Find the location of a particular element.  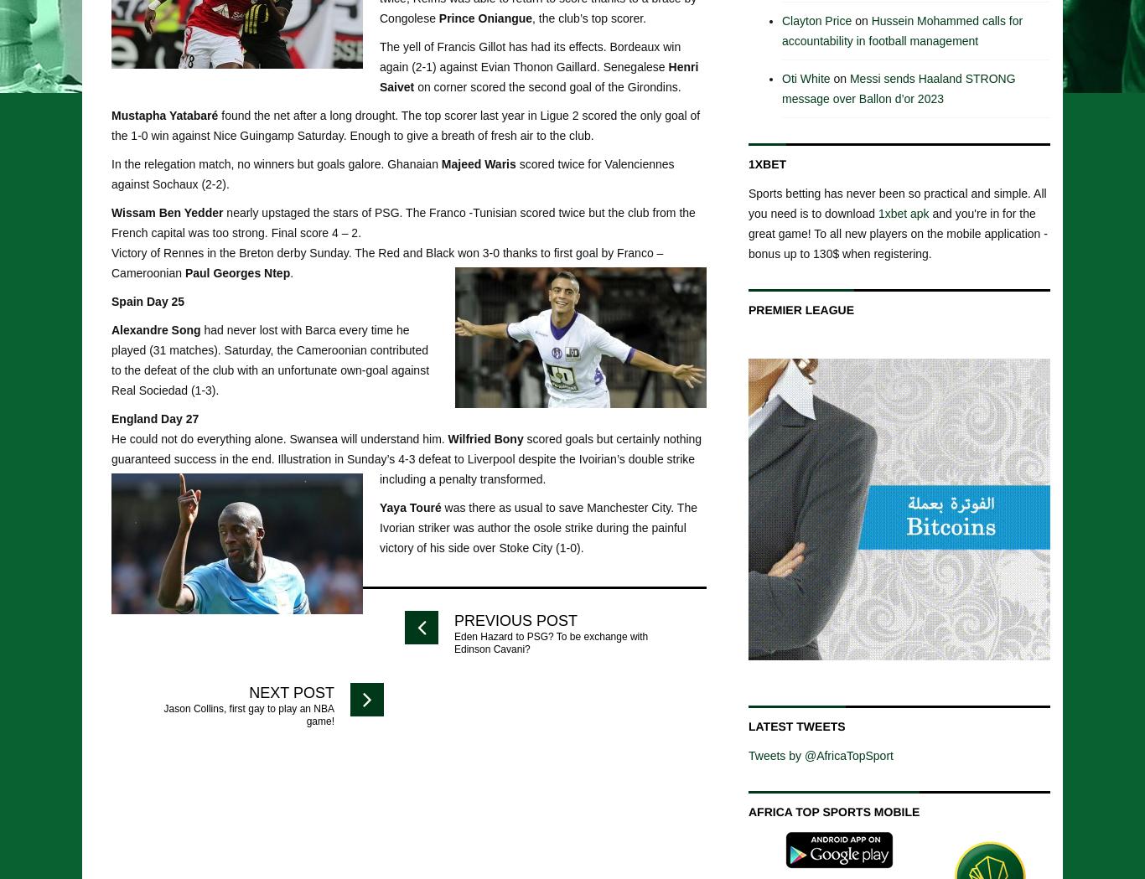

'was there as usual to save Manchester City. The Ivorian striker was author the osole strike during the painful victory of his side over Stoke City (1-0).' is located at coordinates (537, 526).